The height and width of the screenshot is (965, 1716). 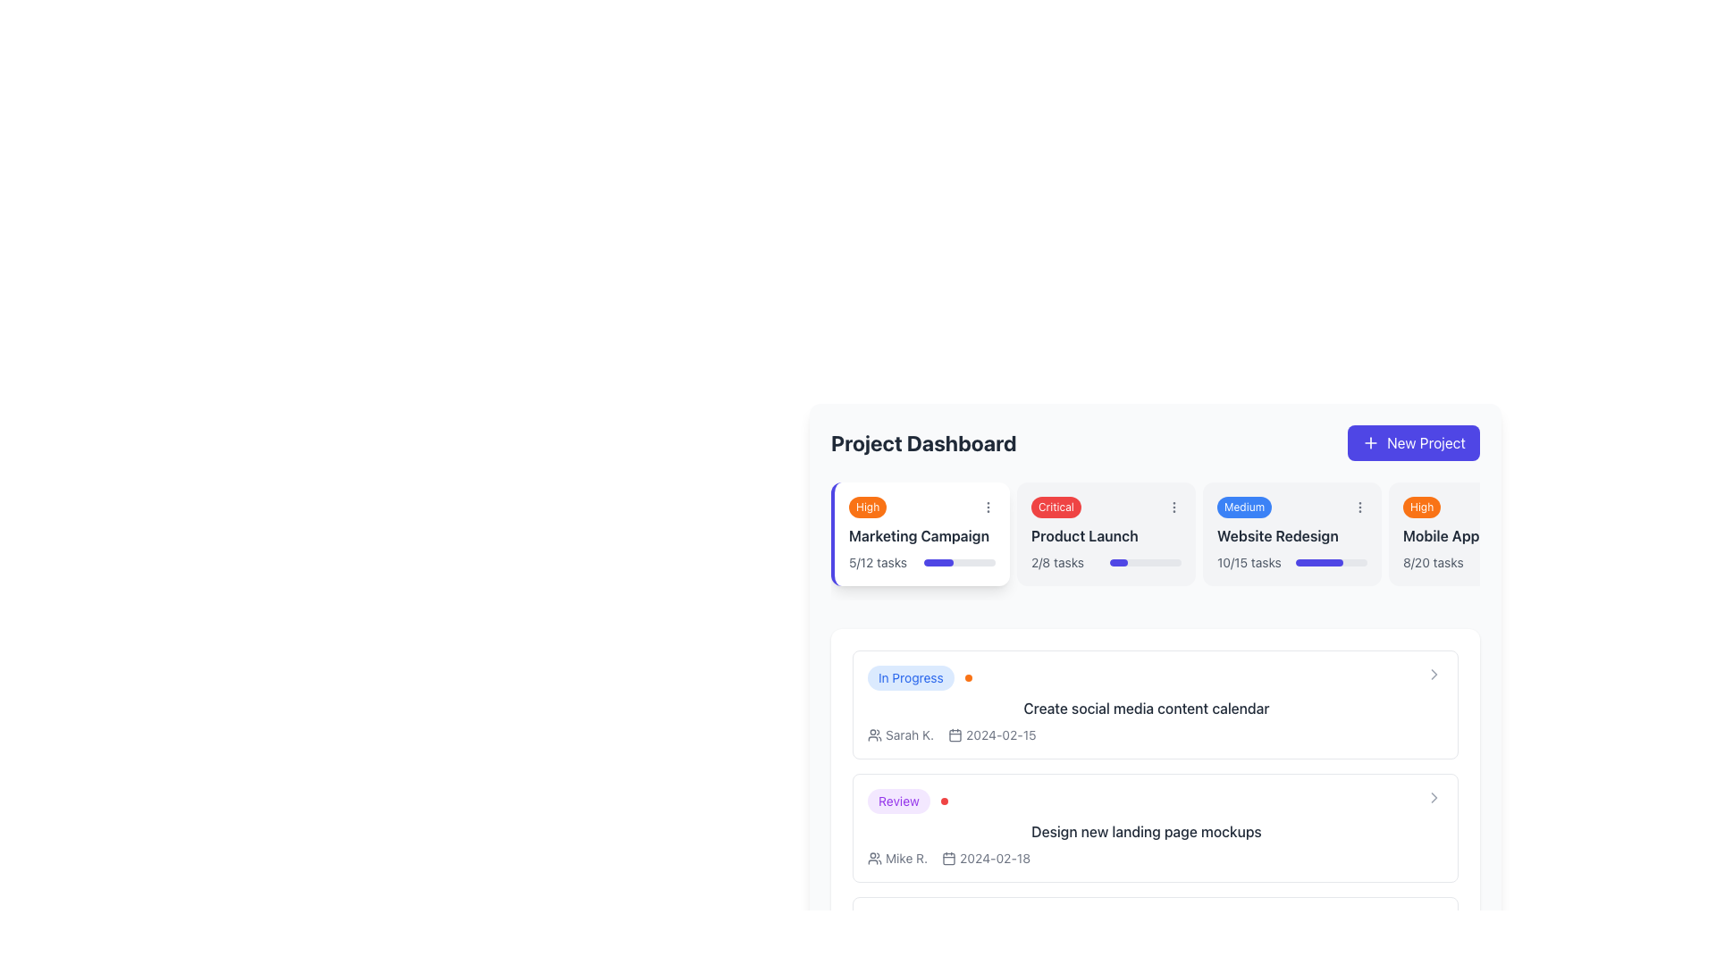 What do you see at coordinates (994, 857) in the screenshot?
I see `the Text display element showing the due date of the task in the second entry under the 'Review' section of the dashboard` at bounding box center [994, 857].